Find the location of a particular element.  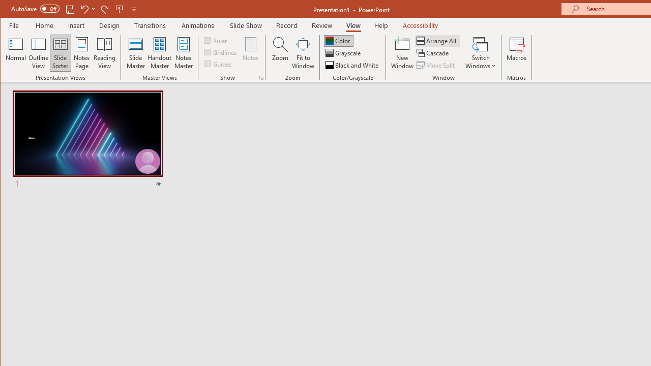

'Black and White' is located at coordinates (353, 65).